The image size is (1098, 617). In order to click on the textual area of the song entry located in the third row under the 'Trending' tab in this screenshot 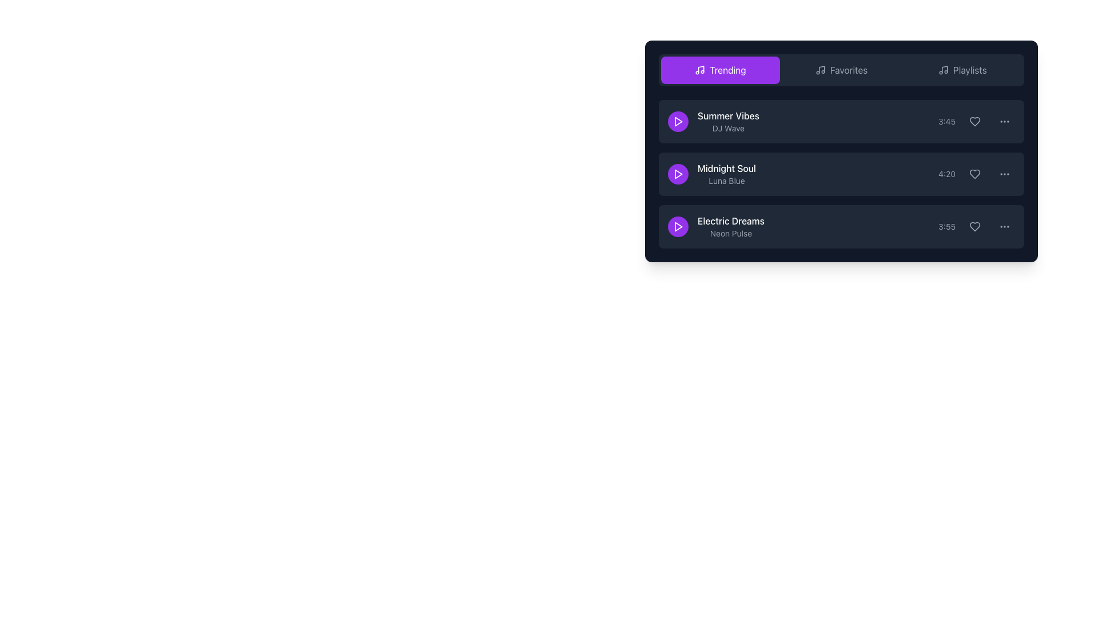, I will do `click(715, 227)`.